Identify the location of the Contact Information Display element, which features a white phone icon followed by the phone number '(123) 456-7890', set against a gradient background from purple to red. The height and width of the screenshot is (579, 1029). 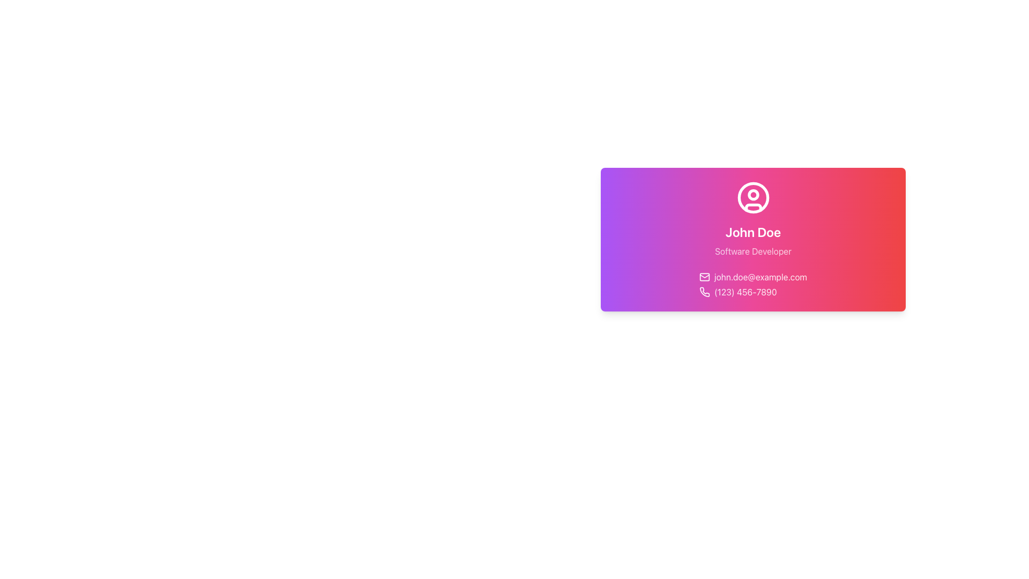
(752, 292).